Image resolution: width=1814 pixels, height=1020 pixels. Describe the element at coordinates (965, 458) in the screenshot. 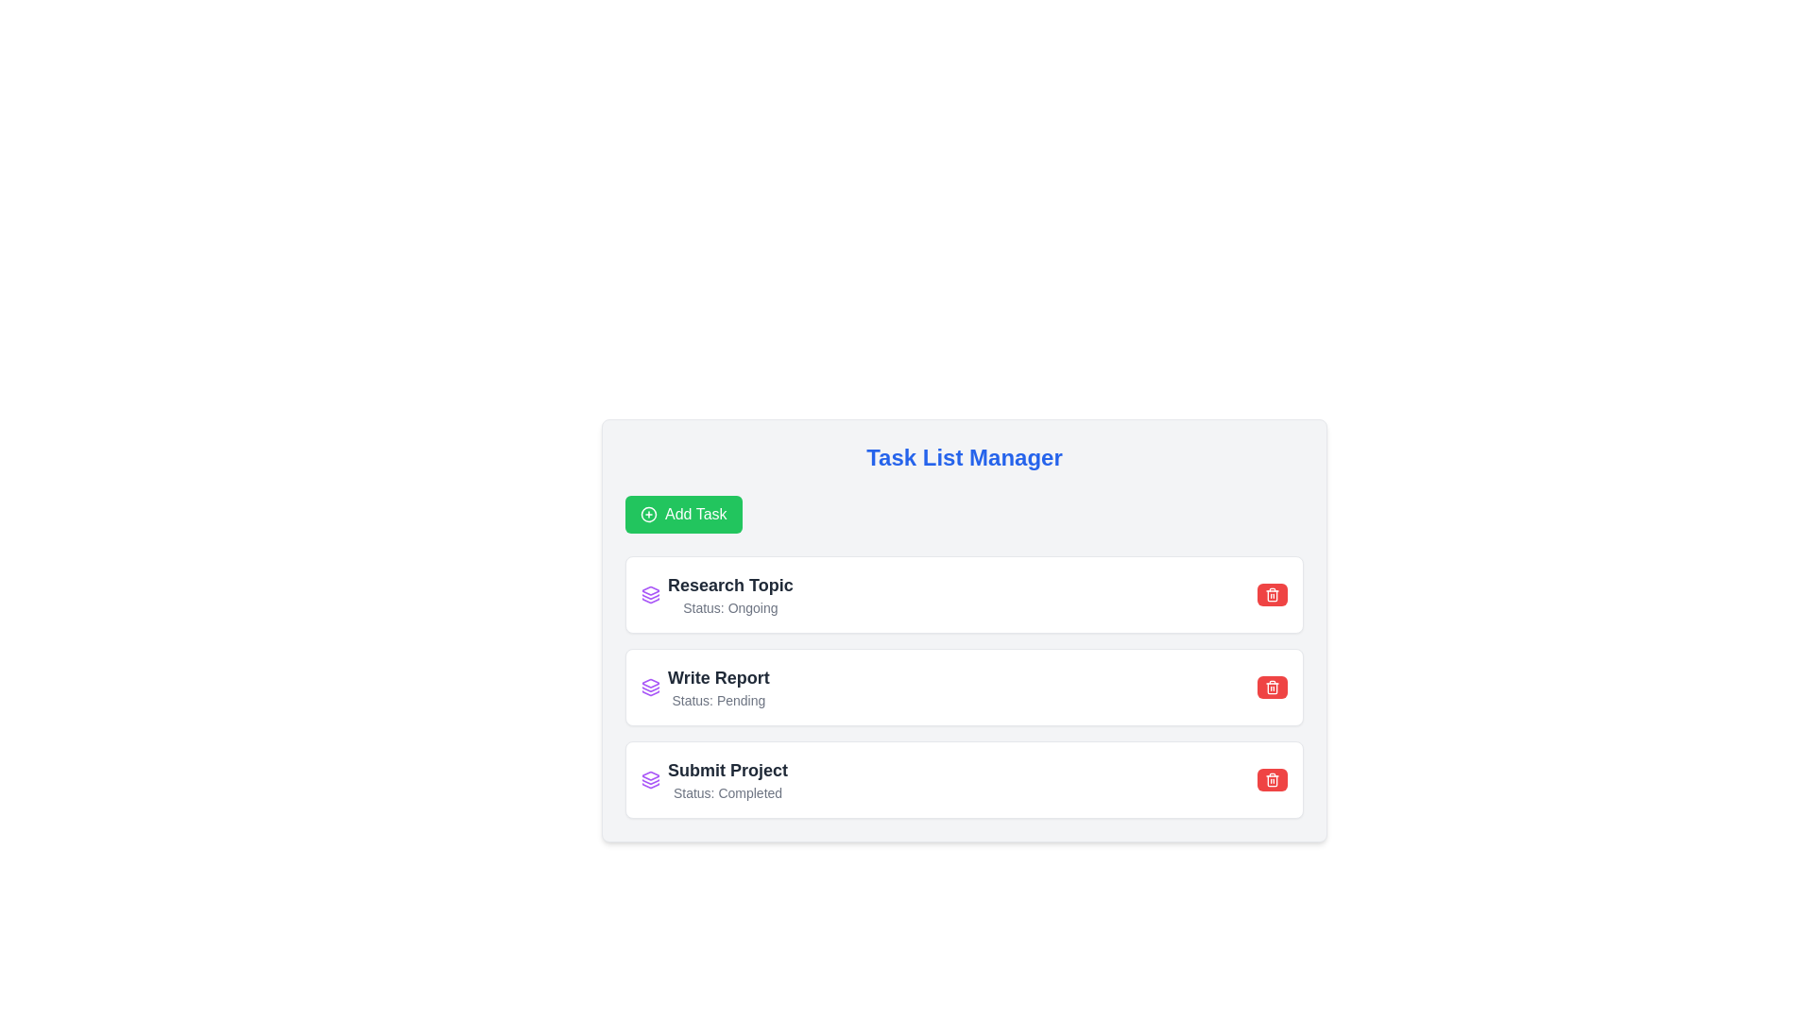

I see `the 'Task List Manager' text label, which is styled in bold, blue, and centered at the top of the task management section` at that location.